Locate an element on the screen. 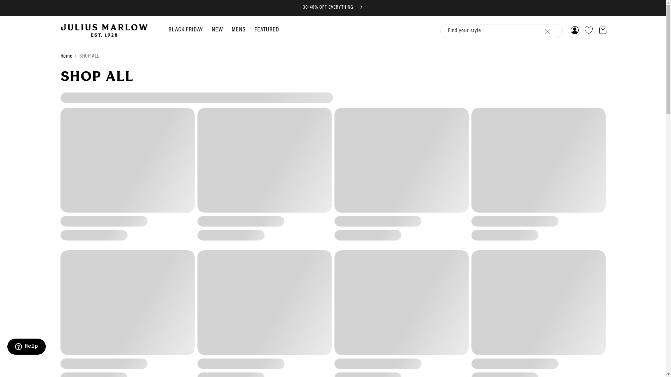  'BLACK FRIDAY' is located at coordinates (168, 30).